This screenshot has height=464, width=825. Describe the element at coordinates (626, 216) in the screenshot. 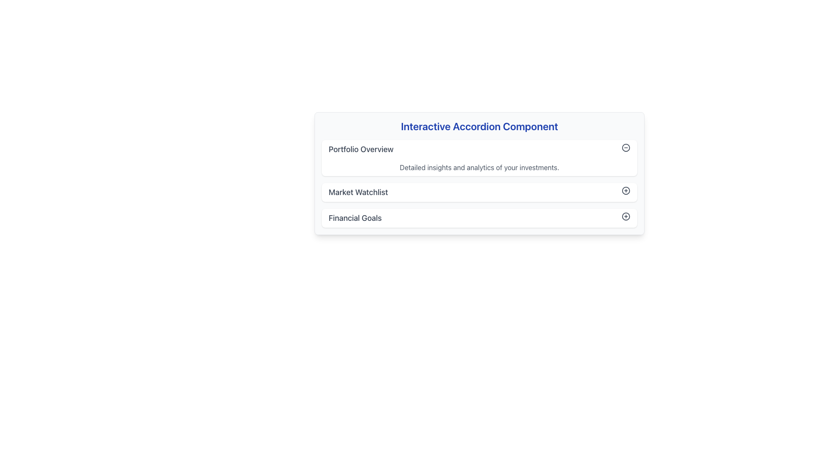

I see `the circular button with a black outline and a black plus sign (+) located at the far right side of the 'Financial Goals' section` at that location.